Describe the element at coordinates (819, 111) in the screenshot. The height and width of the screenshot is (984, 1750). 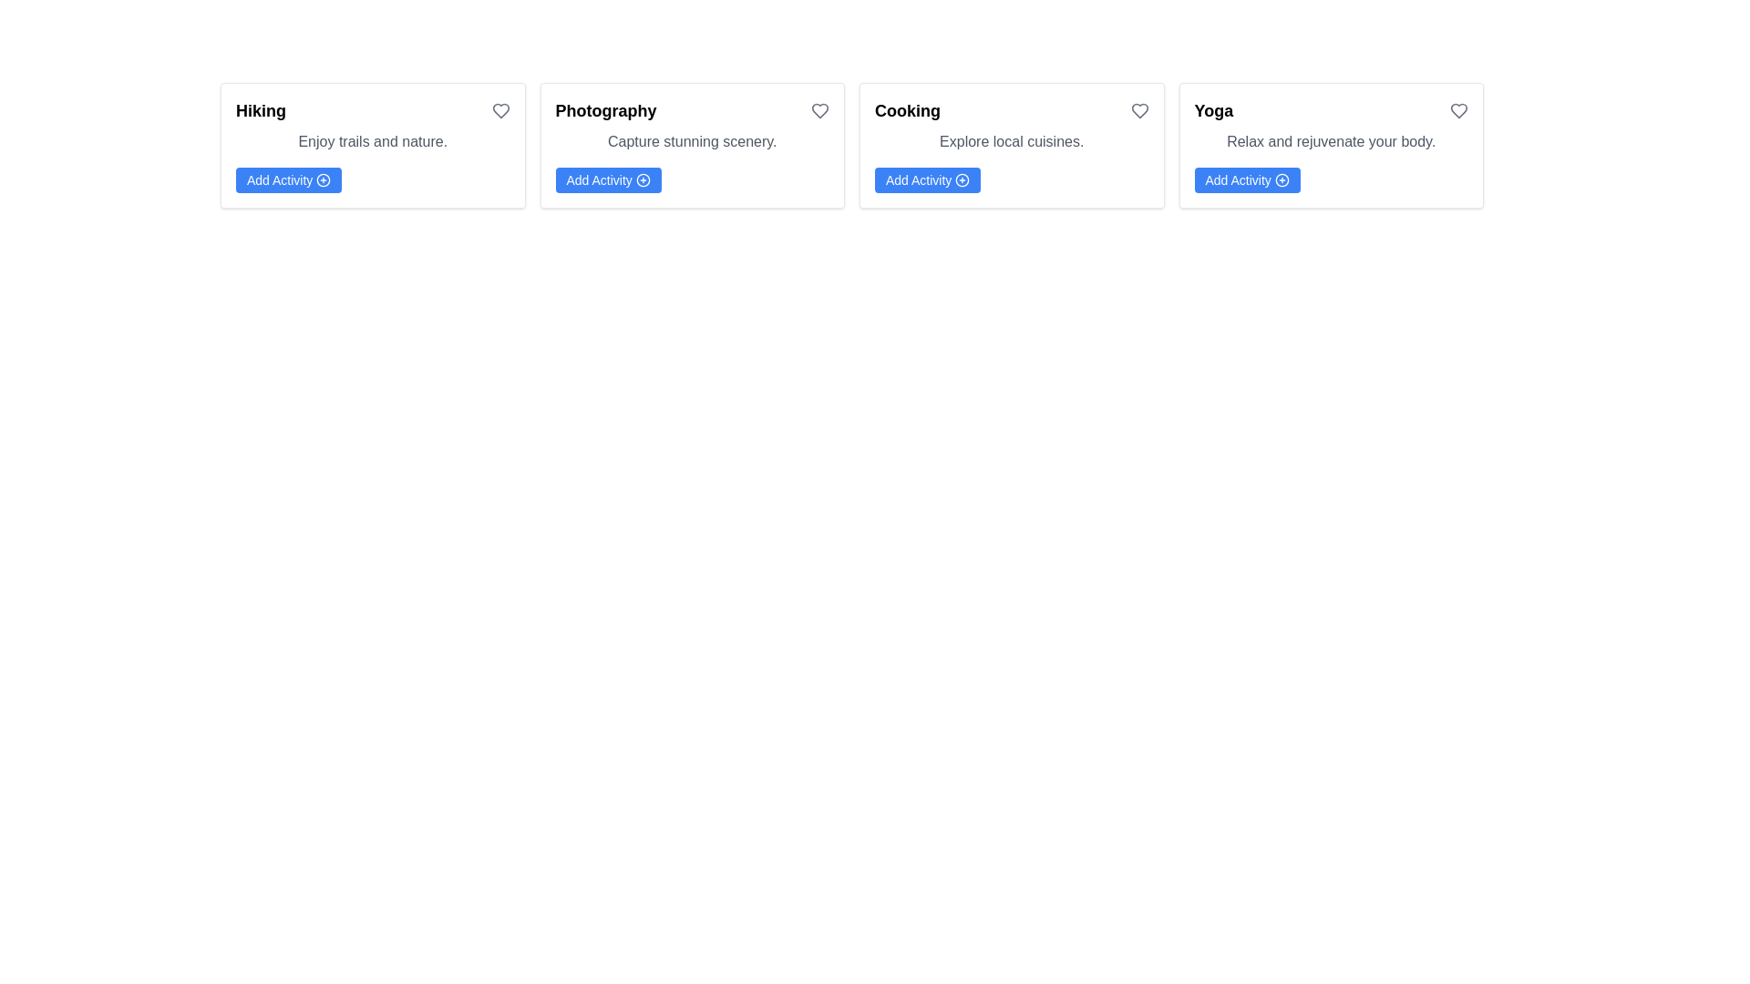
I see `the hollow heart icon located at the top-right corner of the 'Photography' card` at that location.